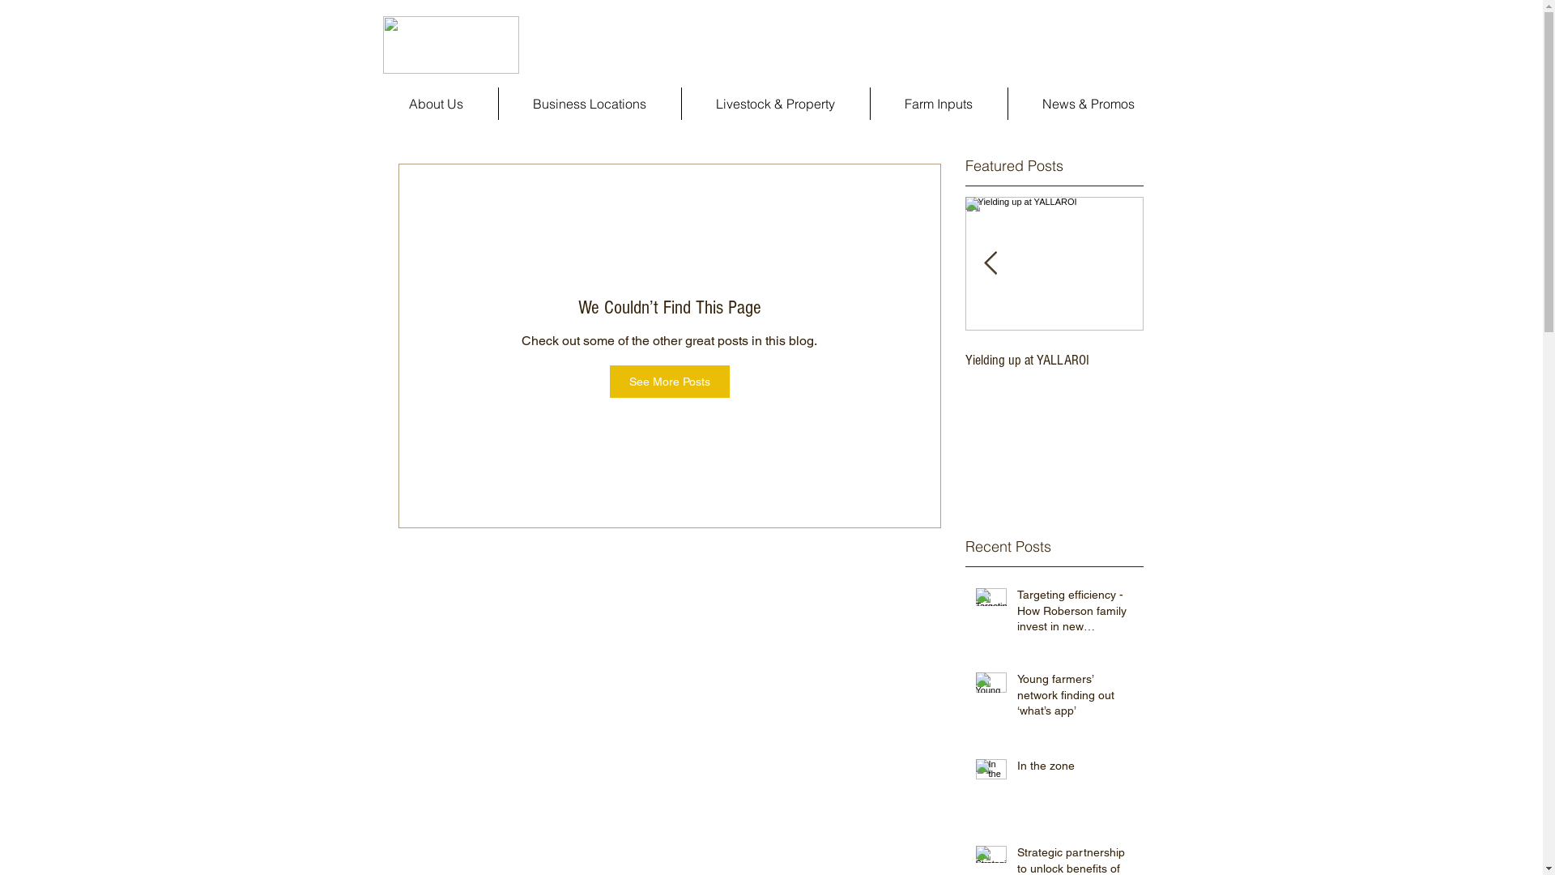  I want to click on 'Yielding up at YALLAROI', so click(1054, 359).